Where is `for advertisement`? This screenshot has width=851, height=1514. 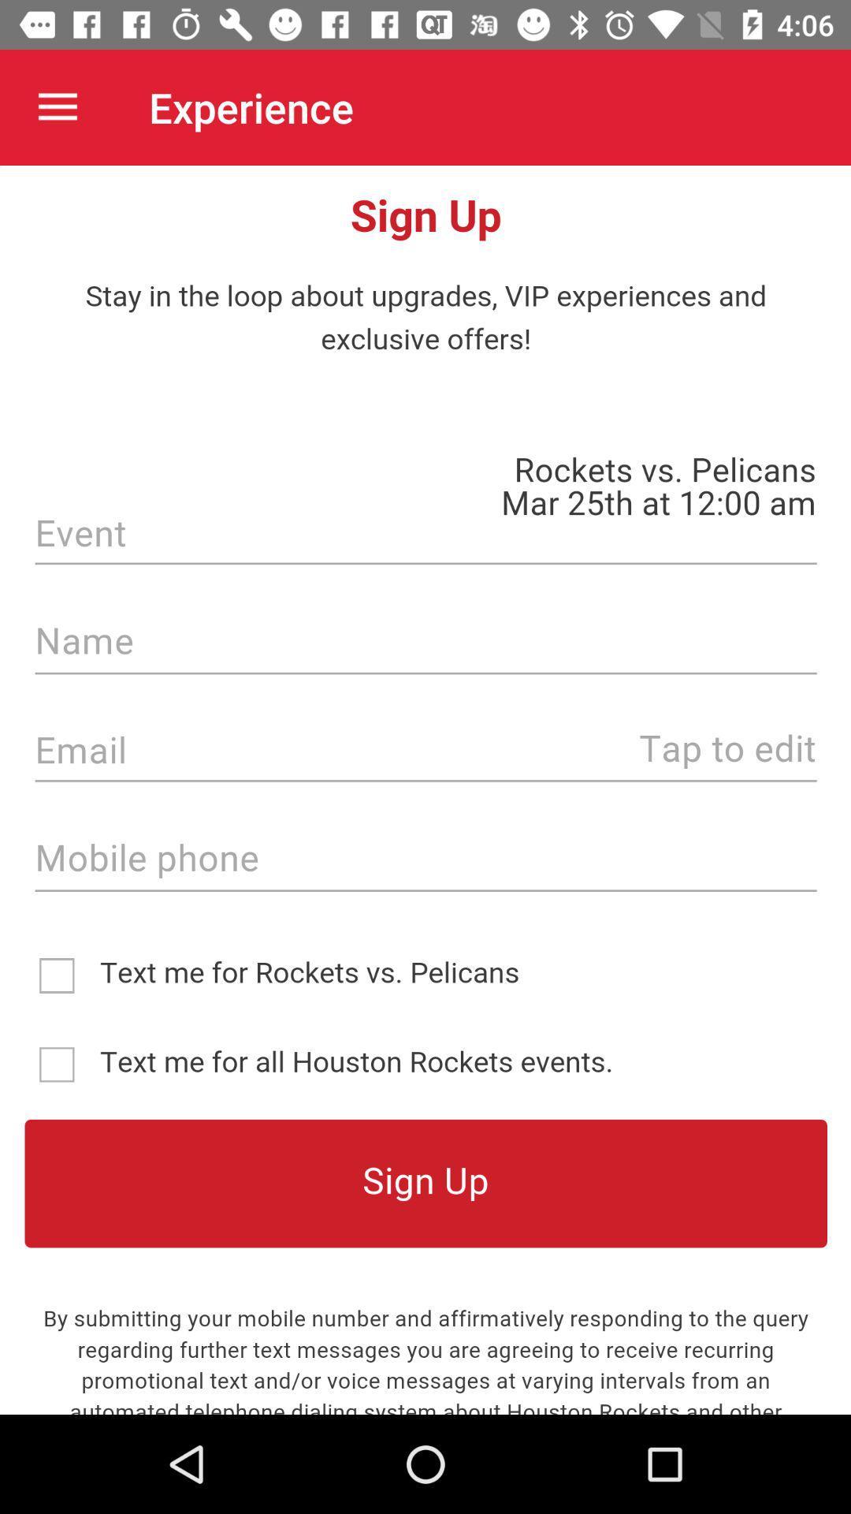
for advertisement is located at coordinates (425, 790).